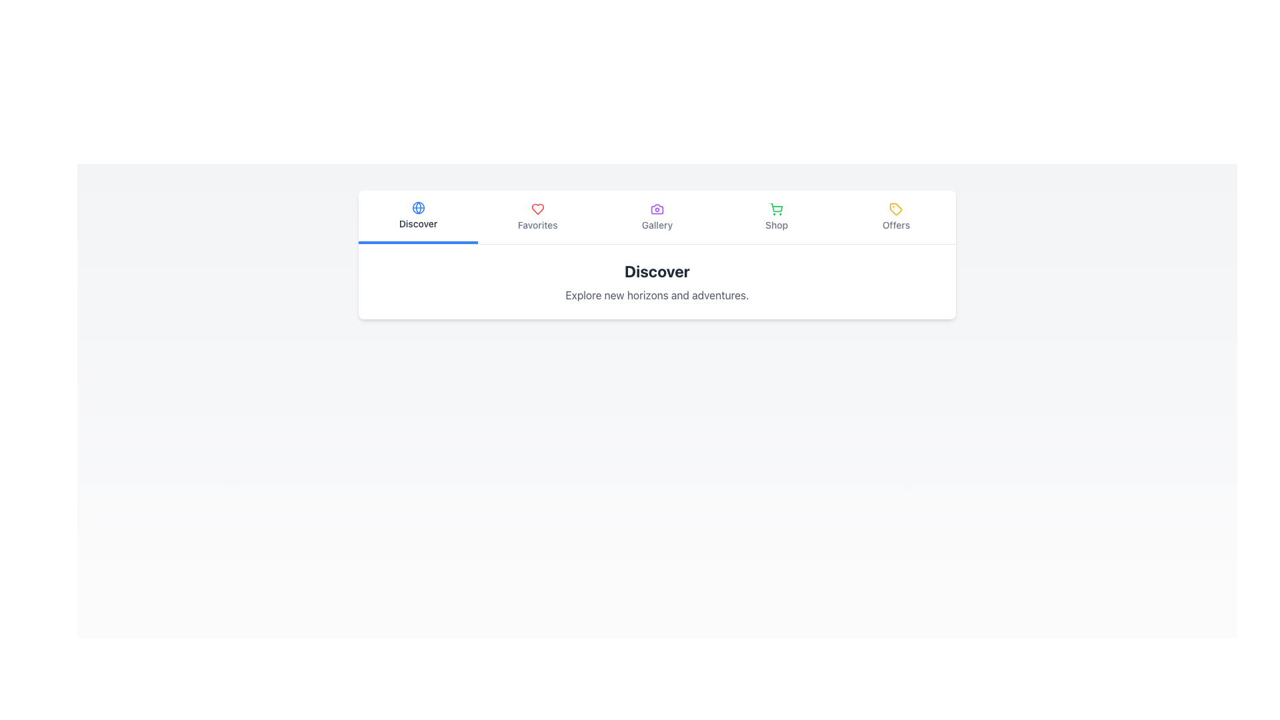 The width and height of the screenshot is (1280, 720). I want to click on the circular graphic element with a blue outline located in the center of the globe icon, situated above the 'Discover' label, so click(417, 208).